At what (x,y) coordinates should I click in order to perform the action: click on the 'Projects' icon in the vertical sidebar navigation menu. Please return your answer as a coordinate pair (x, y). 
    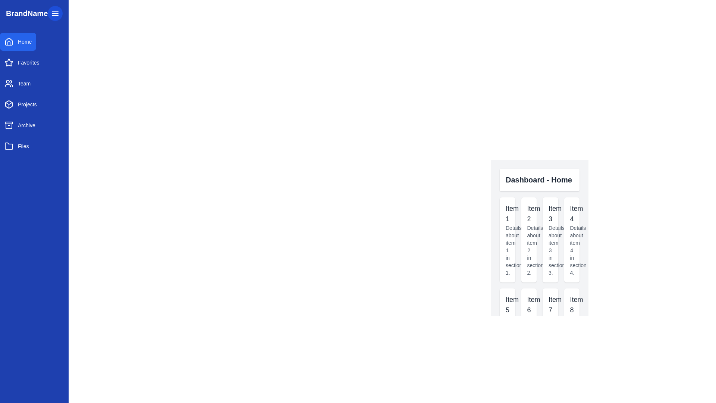
    Looking at the image, I should click on (9, 104).